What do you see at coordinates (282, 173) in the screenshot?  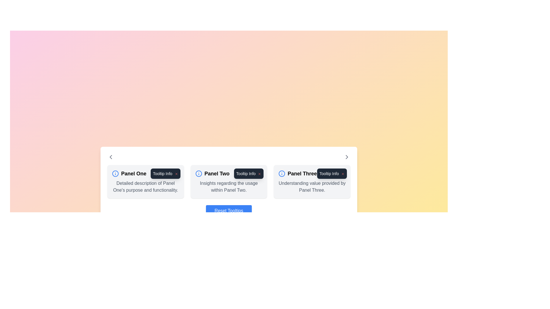 I see `the information icon, which is an outlined circle with an inner 'i' symbol, located at the top-left corner of 'Panel Three.'` at bounding box center [282, 173].